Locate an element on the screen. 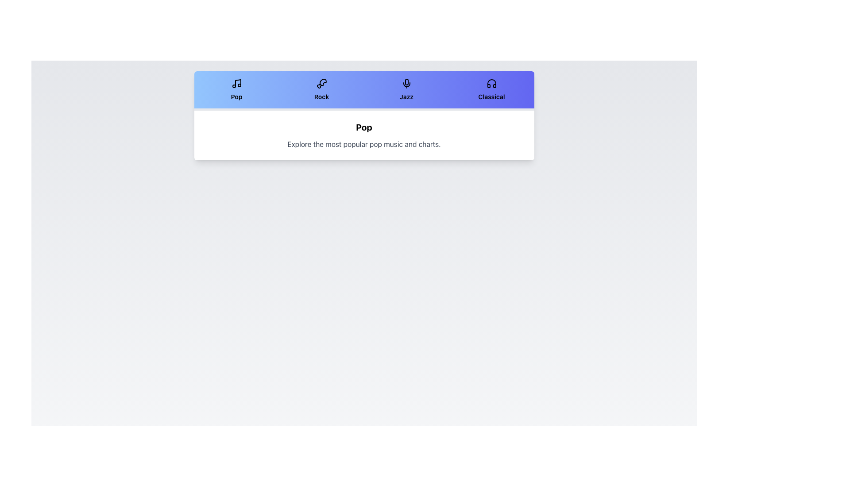  the 'Classical' music genre option in the navigation bar by moving the cursor to its center is located at coordinates (491, 90).